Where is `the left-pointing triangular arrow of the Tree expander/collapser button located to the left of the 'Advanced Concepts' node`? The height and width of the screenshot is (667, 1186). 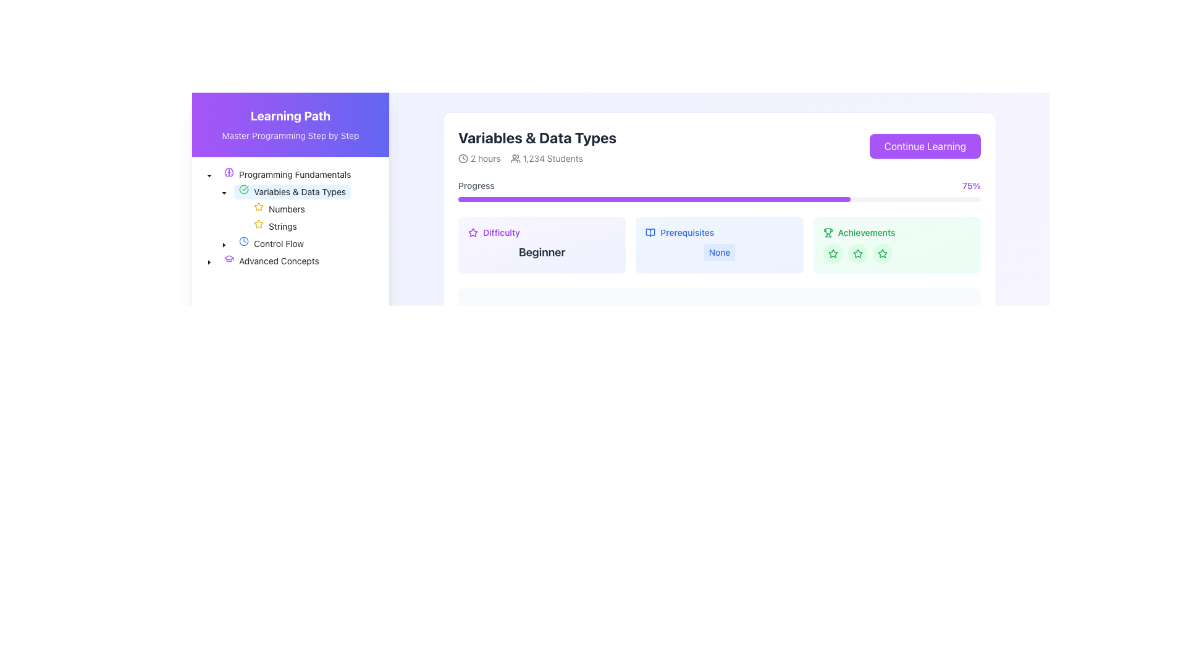 the left-pointing triangular arrow of the Tree expander/collapser button located to the left of the 'Advanced Concepts' node is located at coordinates (209, 261).